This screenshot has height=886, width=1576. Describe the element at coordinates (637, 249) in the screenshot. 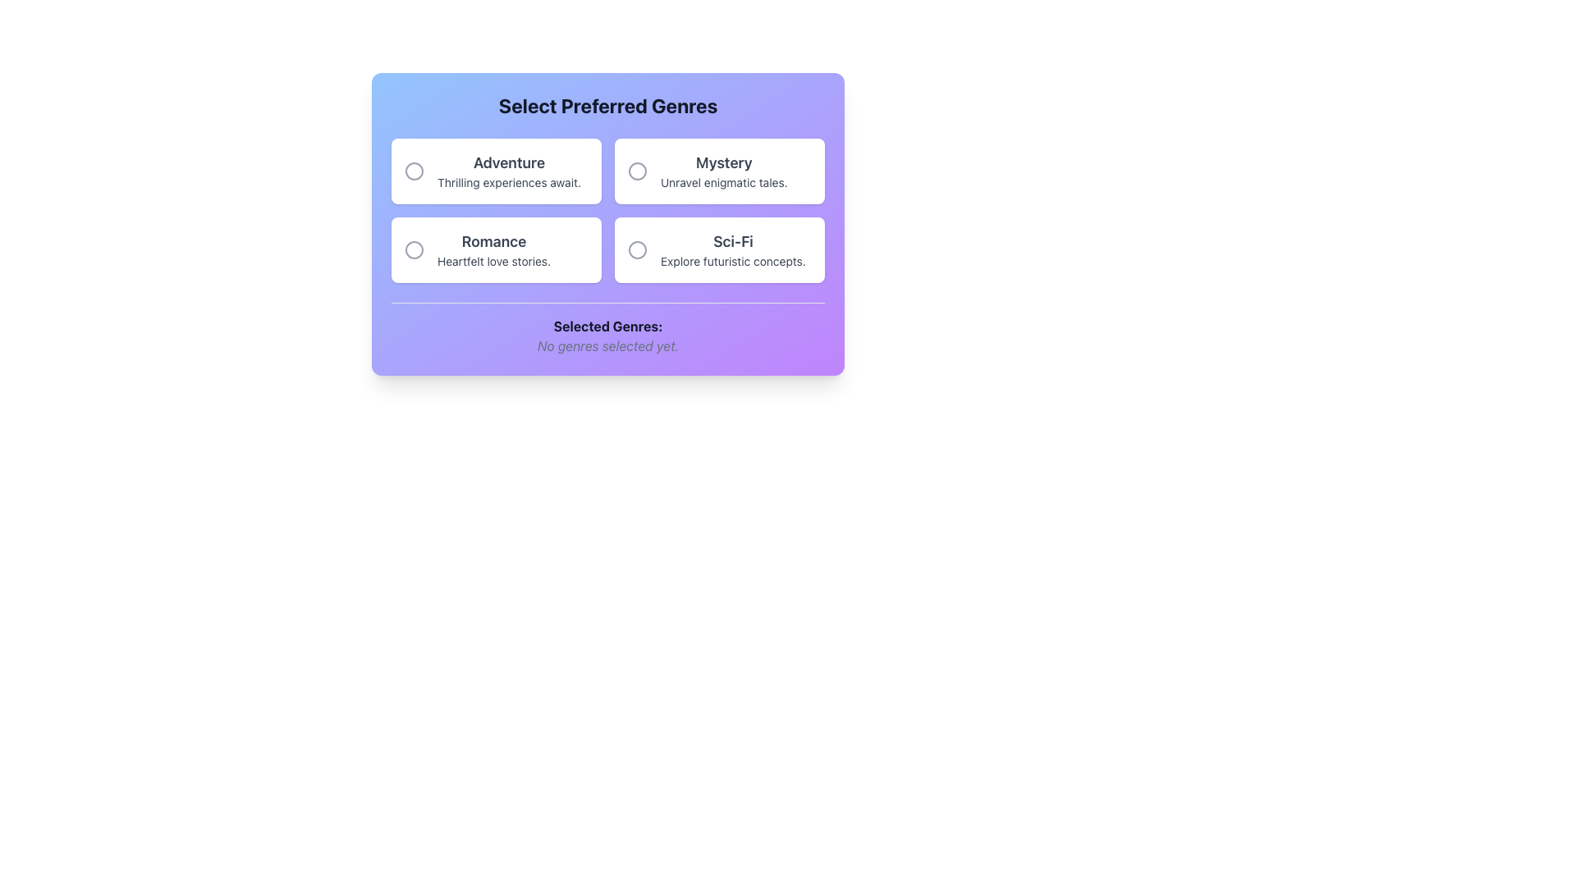

I see `the circular icon within the radio button for selecting the 'Sci-Fi' genre, enabling keyboard navigation` at that location.